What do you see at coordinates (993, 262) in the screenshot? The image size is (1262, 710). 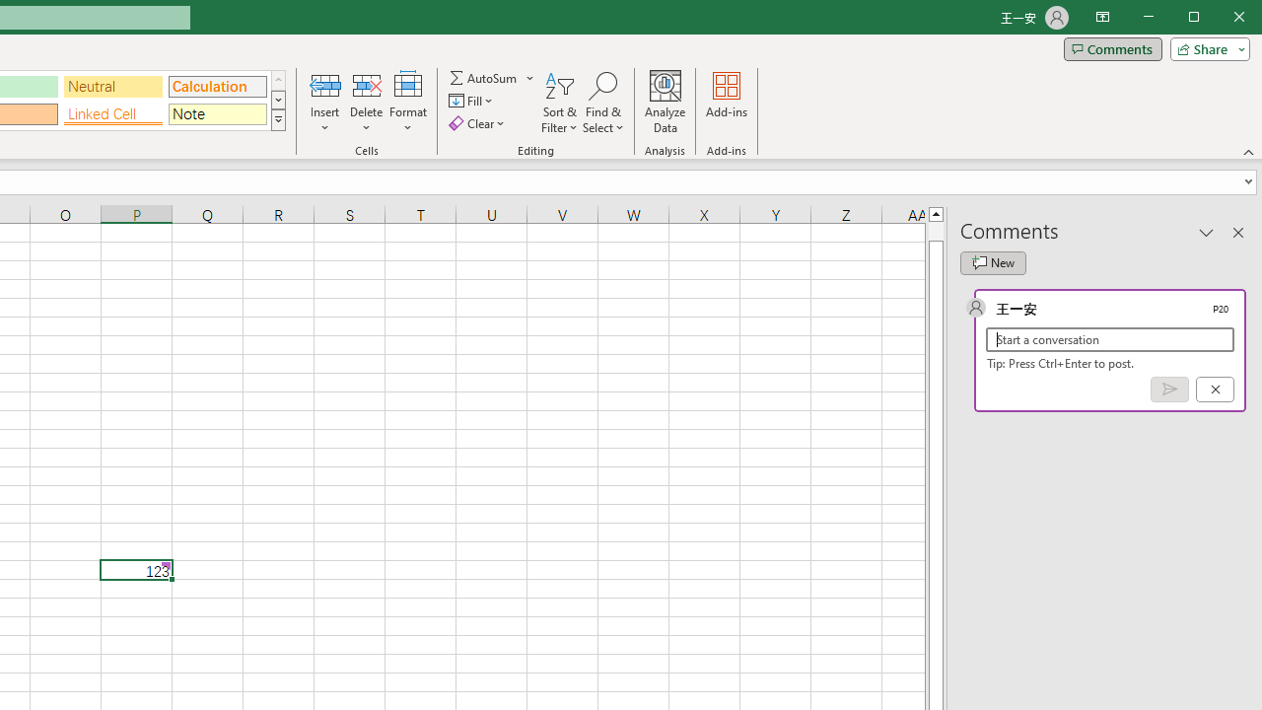 I see `'New comment'` at bounding box center [993, 262].